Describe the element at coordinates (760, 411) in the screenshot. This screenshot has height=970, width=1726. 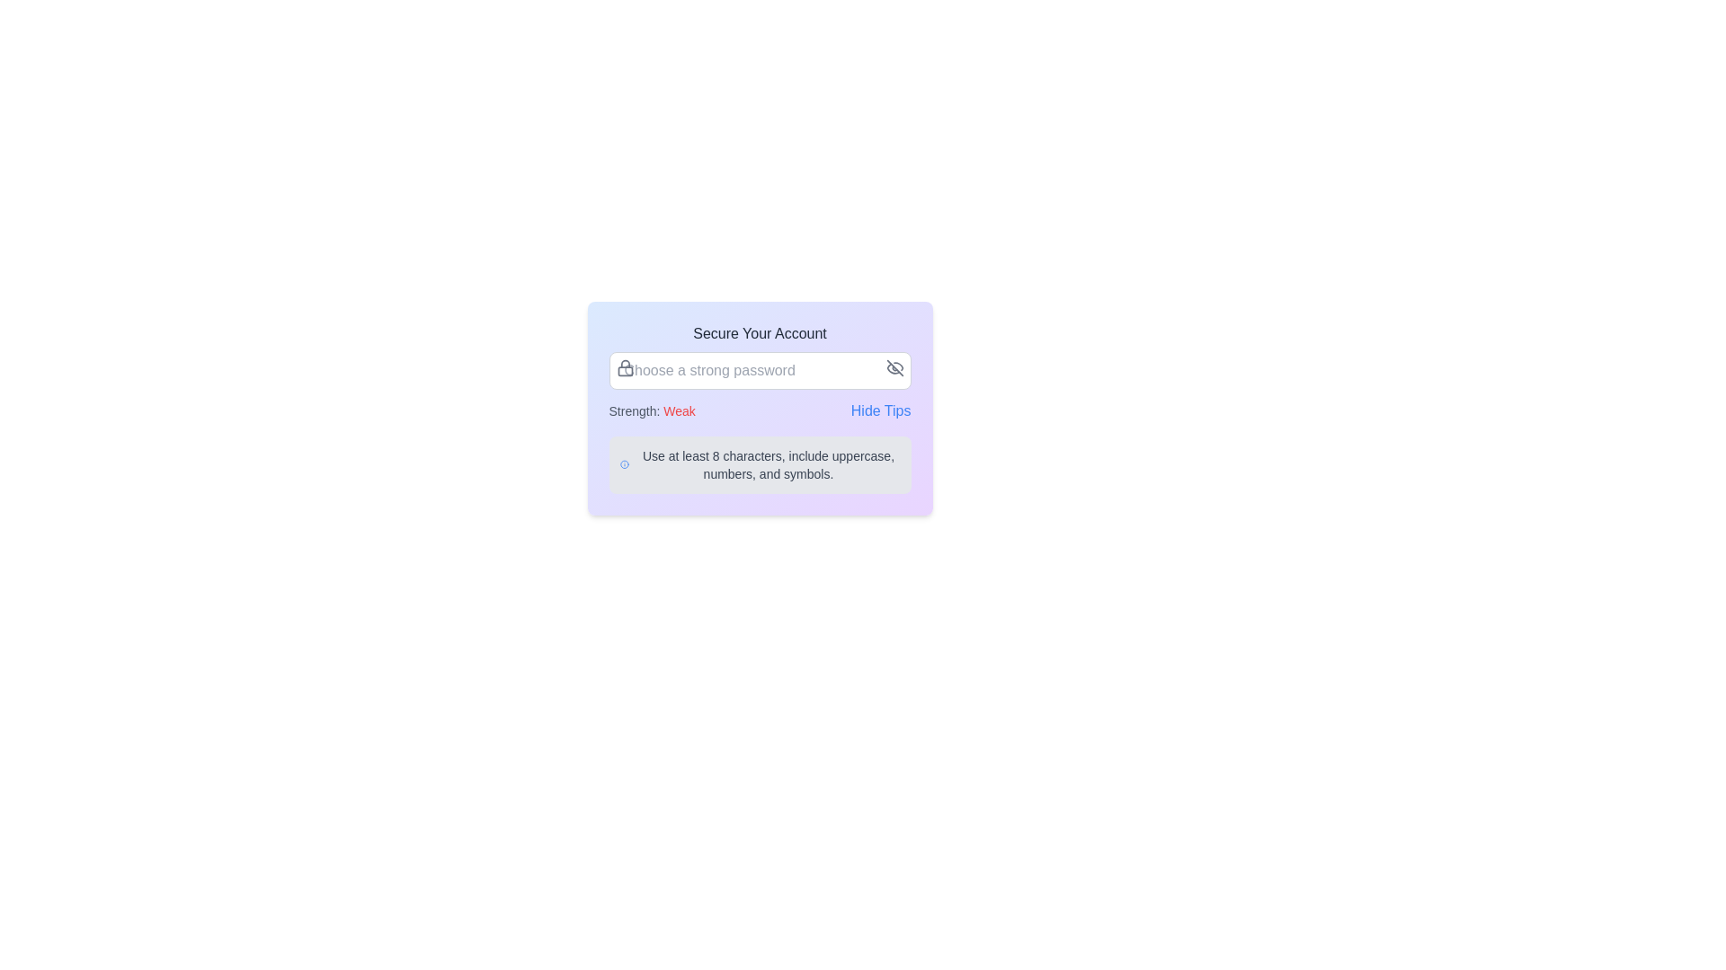
I see `displayed strength information from the informative text element that shows 'Strength: Weak' with 'Weak' highlighted in red and includes a clickable link labeled 'Hide Tips'` at that location.